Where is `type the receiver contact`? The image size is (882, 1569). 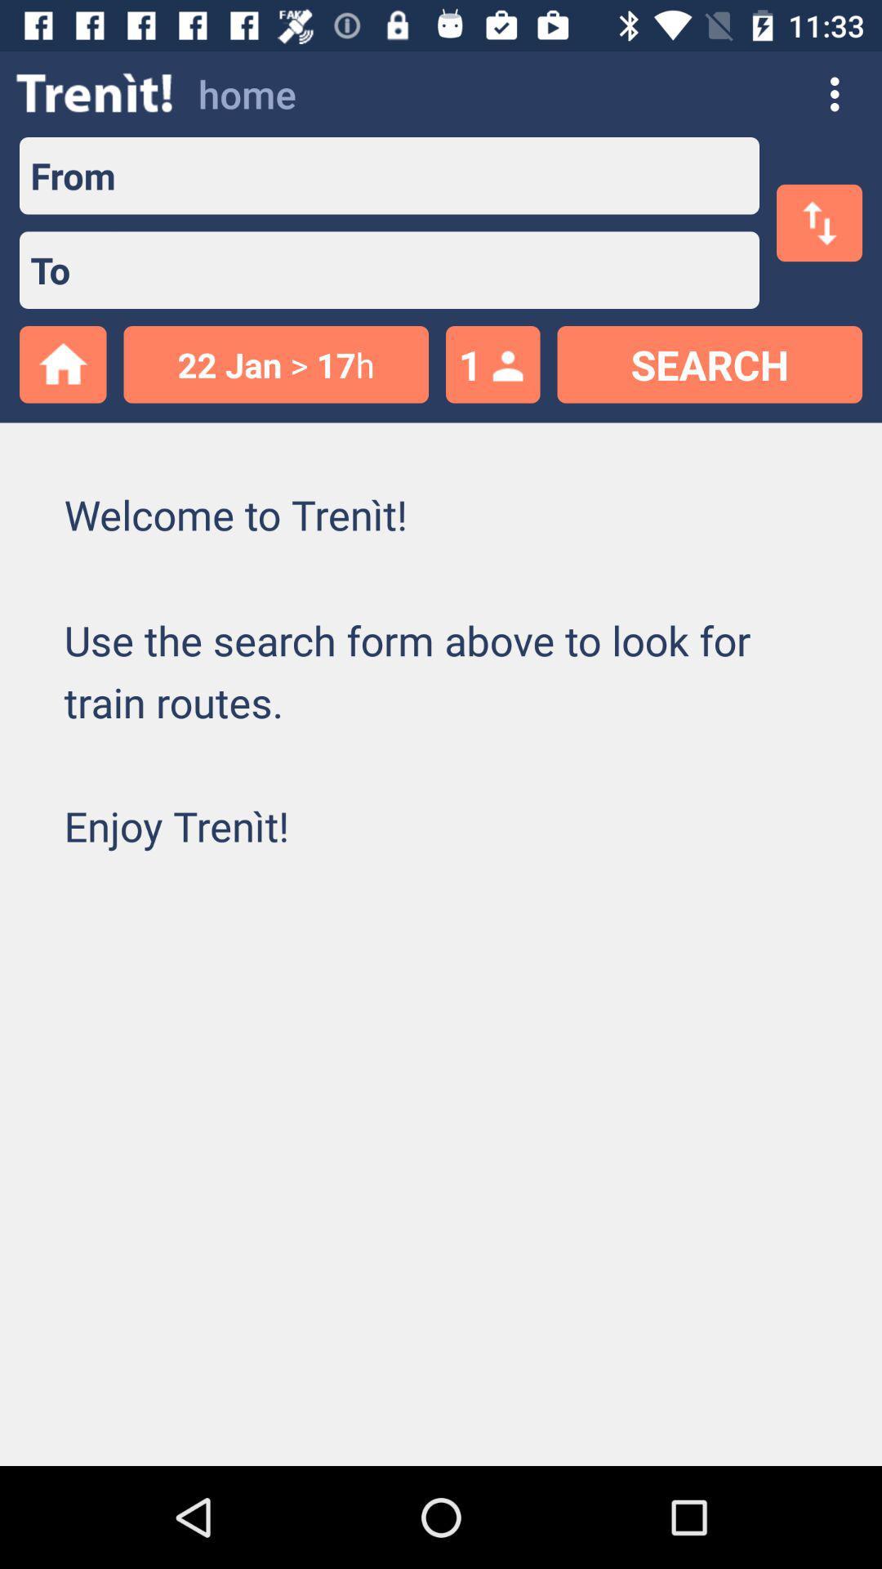
type the receiver contact is located at coordinates (436, 270).